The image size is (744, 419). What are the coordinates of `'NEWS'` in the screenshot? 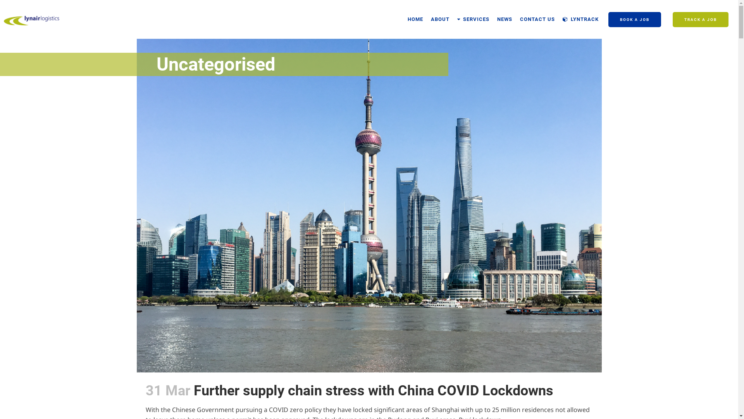 It's located at (505, 19).